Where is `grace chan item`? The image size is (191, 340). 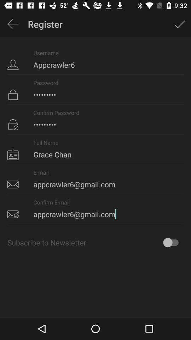 grace chan item is located at coordinates (95, 149).